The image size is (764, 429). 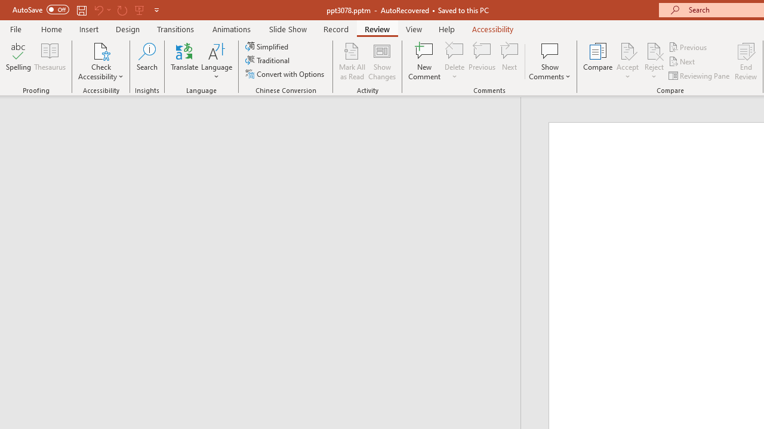 I want to click on 'Accept Change', so click(x=627, y=50).